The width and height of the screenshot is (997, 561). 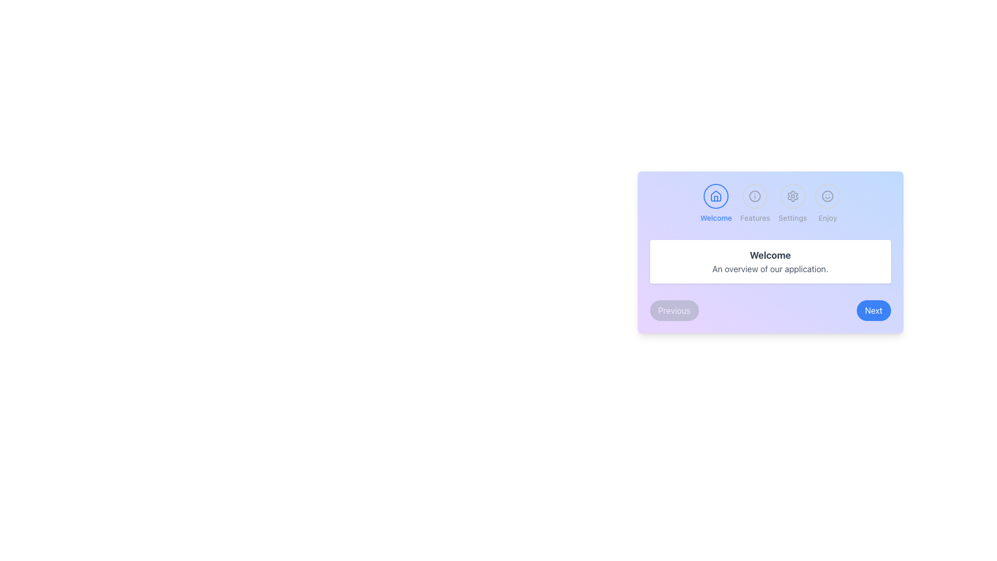 I want to click on the static text label that serves as a visual descriptor for the associated smiling face icon, positioned below it and aligned with similar elements, so click(x=827, y=218).